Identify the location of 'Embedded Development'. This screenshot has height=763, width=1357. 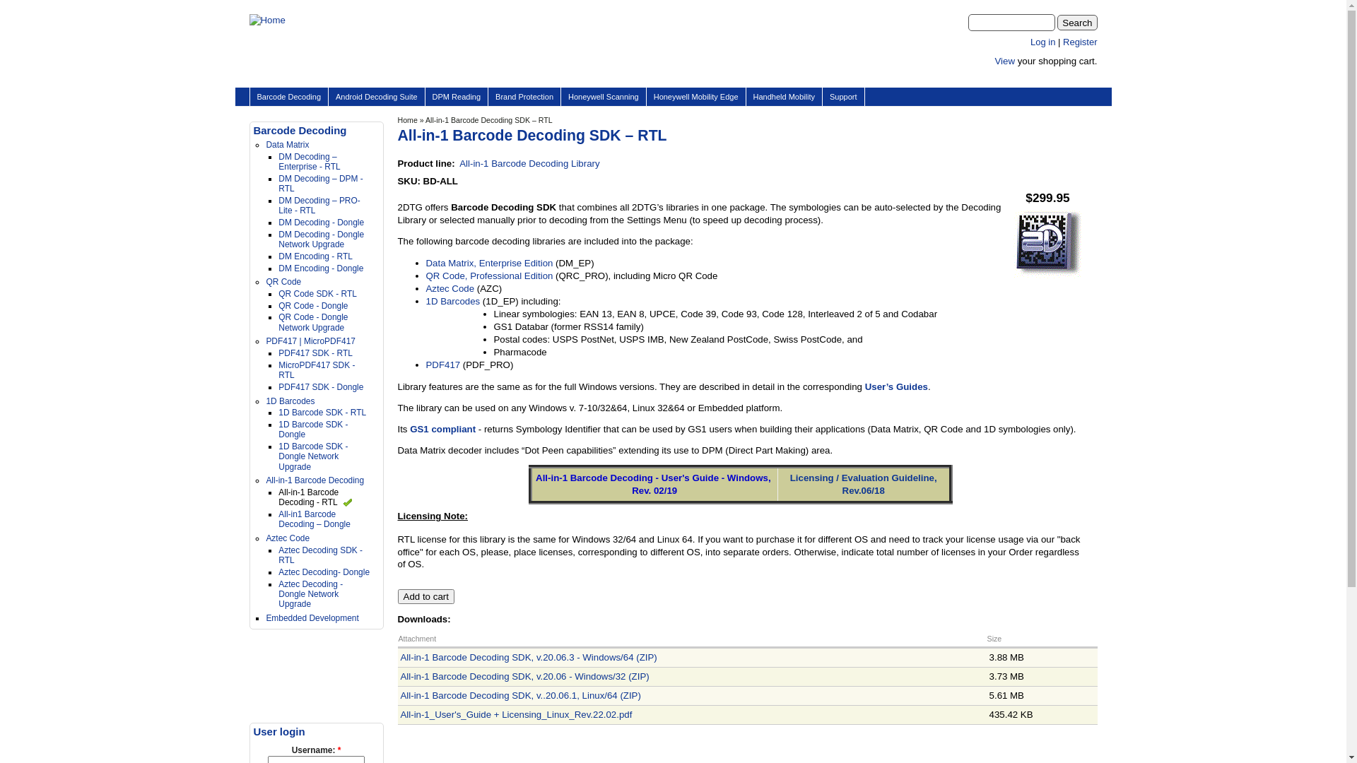
(265, 617).